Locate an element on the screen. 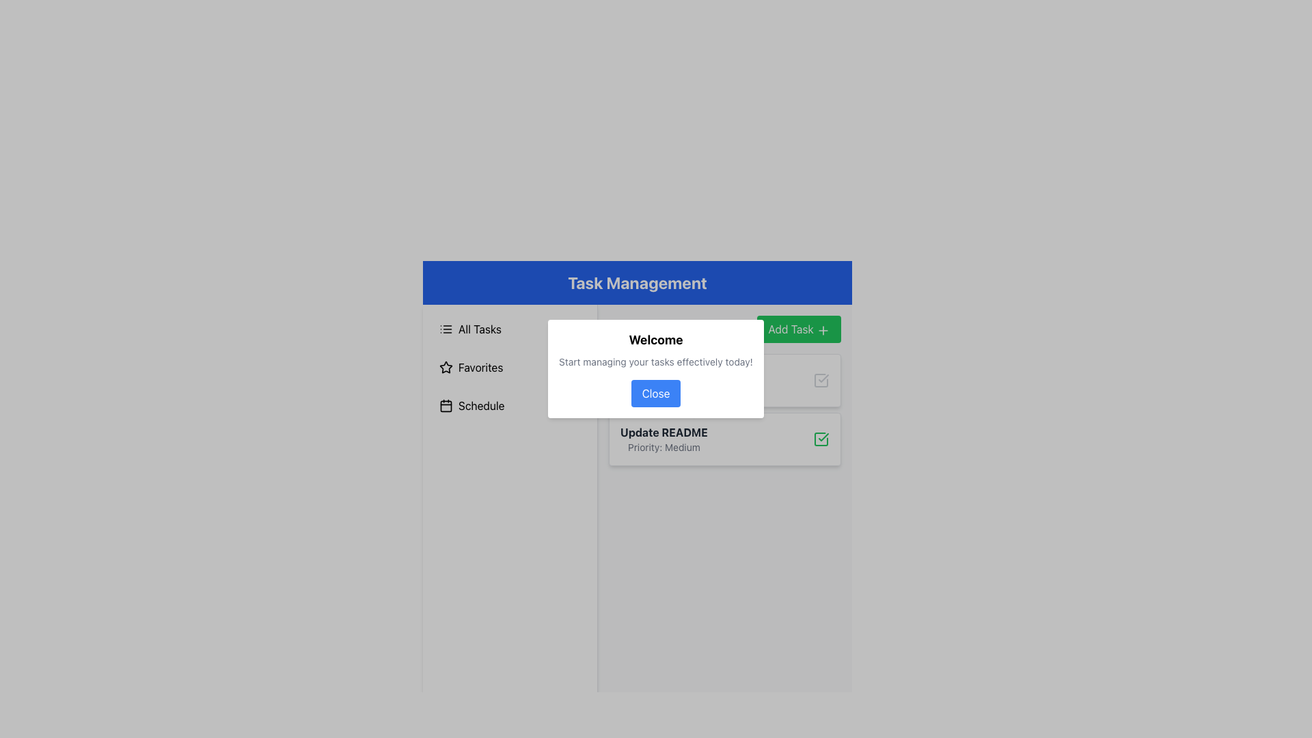 This screenshot has width=1312, height=738. the black calendar-shaped icon located in the sidebar, which is the third item in the vertical list above the 'Schedule' text is located at coordinates (446, 405).